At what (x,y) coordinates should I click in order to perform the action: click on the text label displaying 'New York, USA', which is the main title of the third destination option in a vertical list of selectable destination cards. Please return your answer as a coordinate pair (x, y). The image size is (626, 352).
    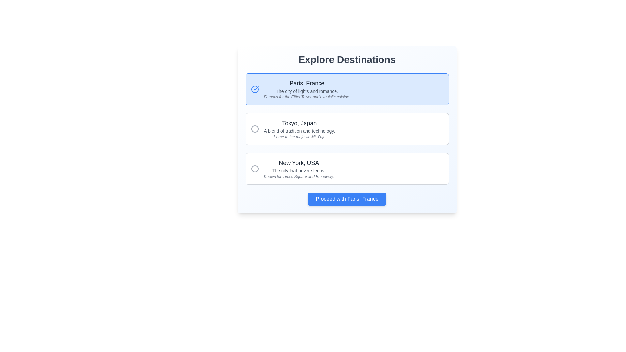
    Looking at the image, I should click on (298, 163).